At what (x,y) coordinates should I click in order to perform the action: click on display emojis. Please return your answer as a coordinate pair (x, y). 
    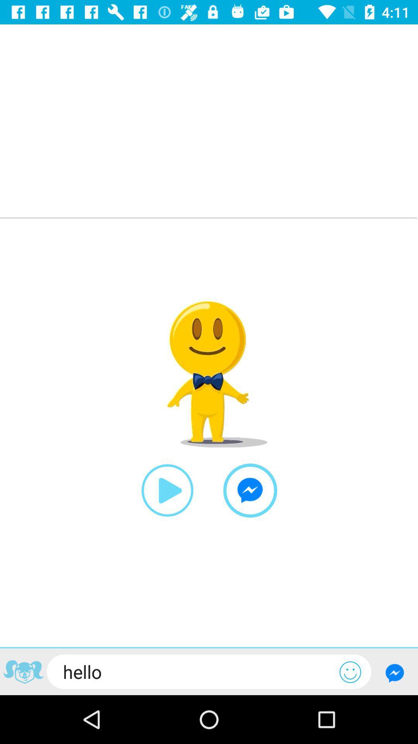
    Looking at the image, I should click on (350, 672).